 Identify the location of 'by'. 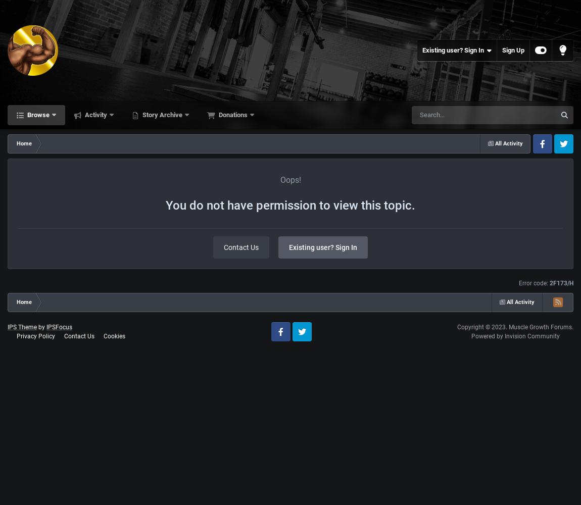
(36, 327).